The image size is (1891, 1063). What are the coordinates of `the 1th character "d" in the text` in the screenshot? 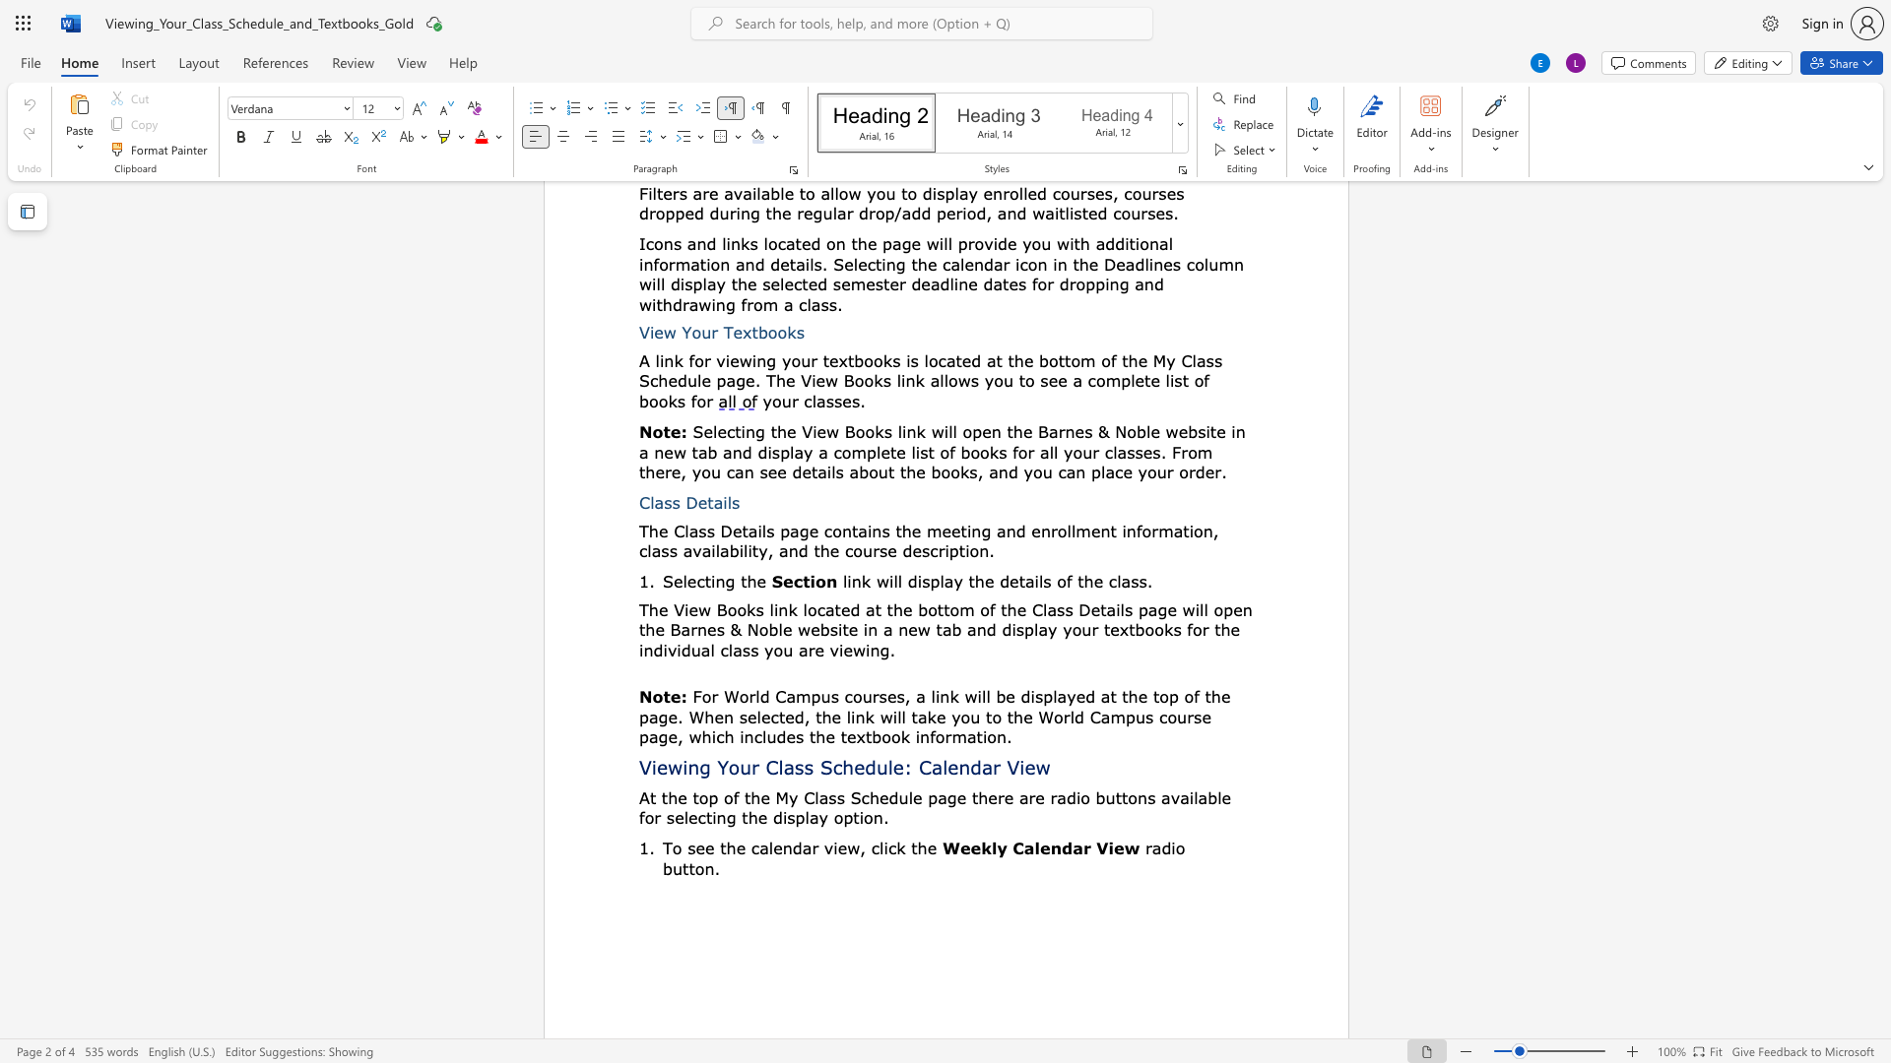 It's located at (870, 766).